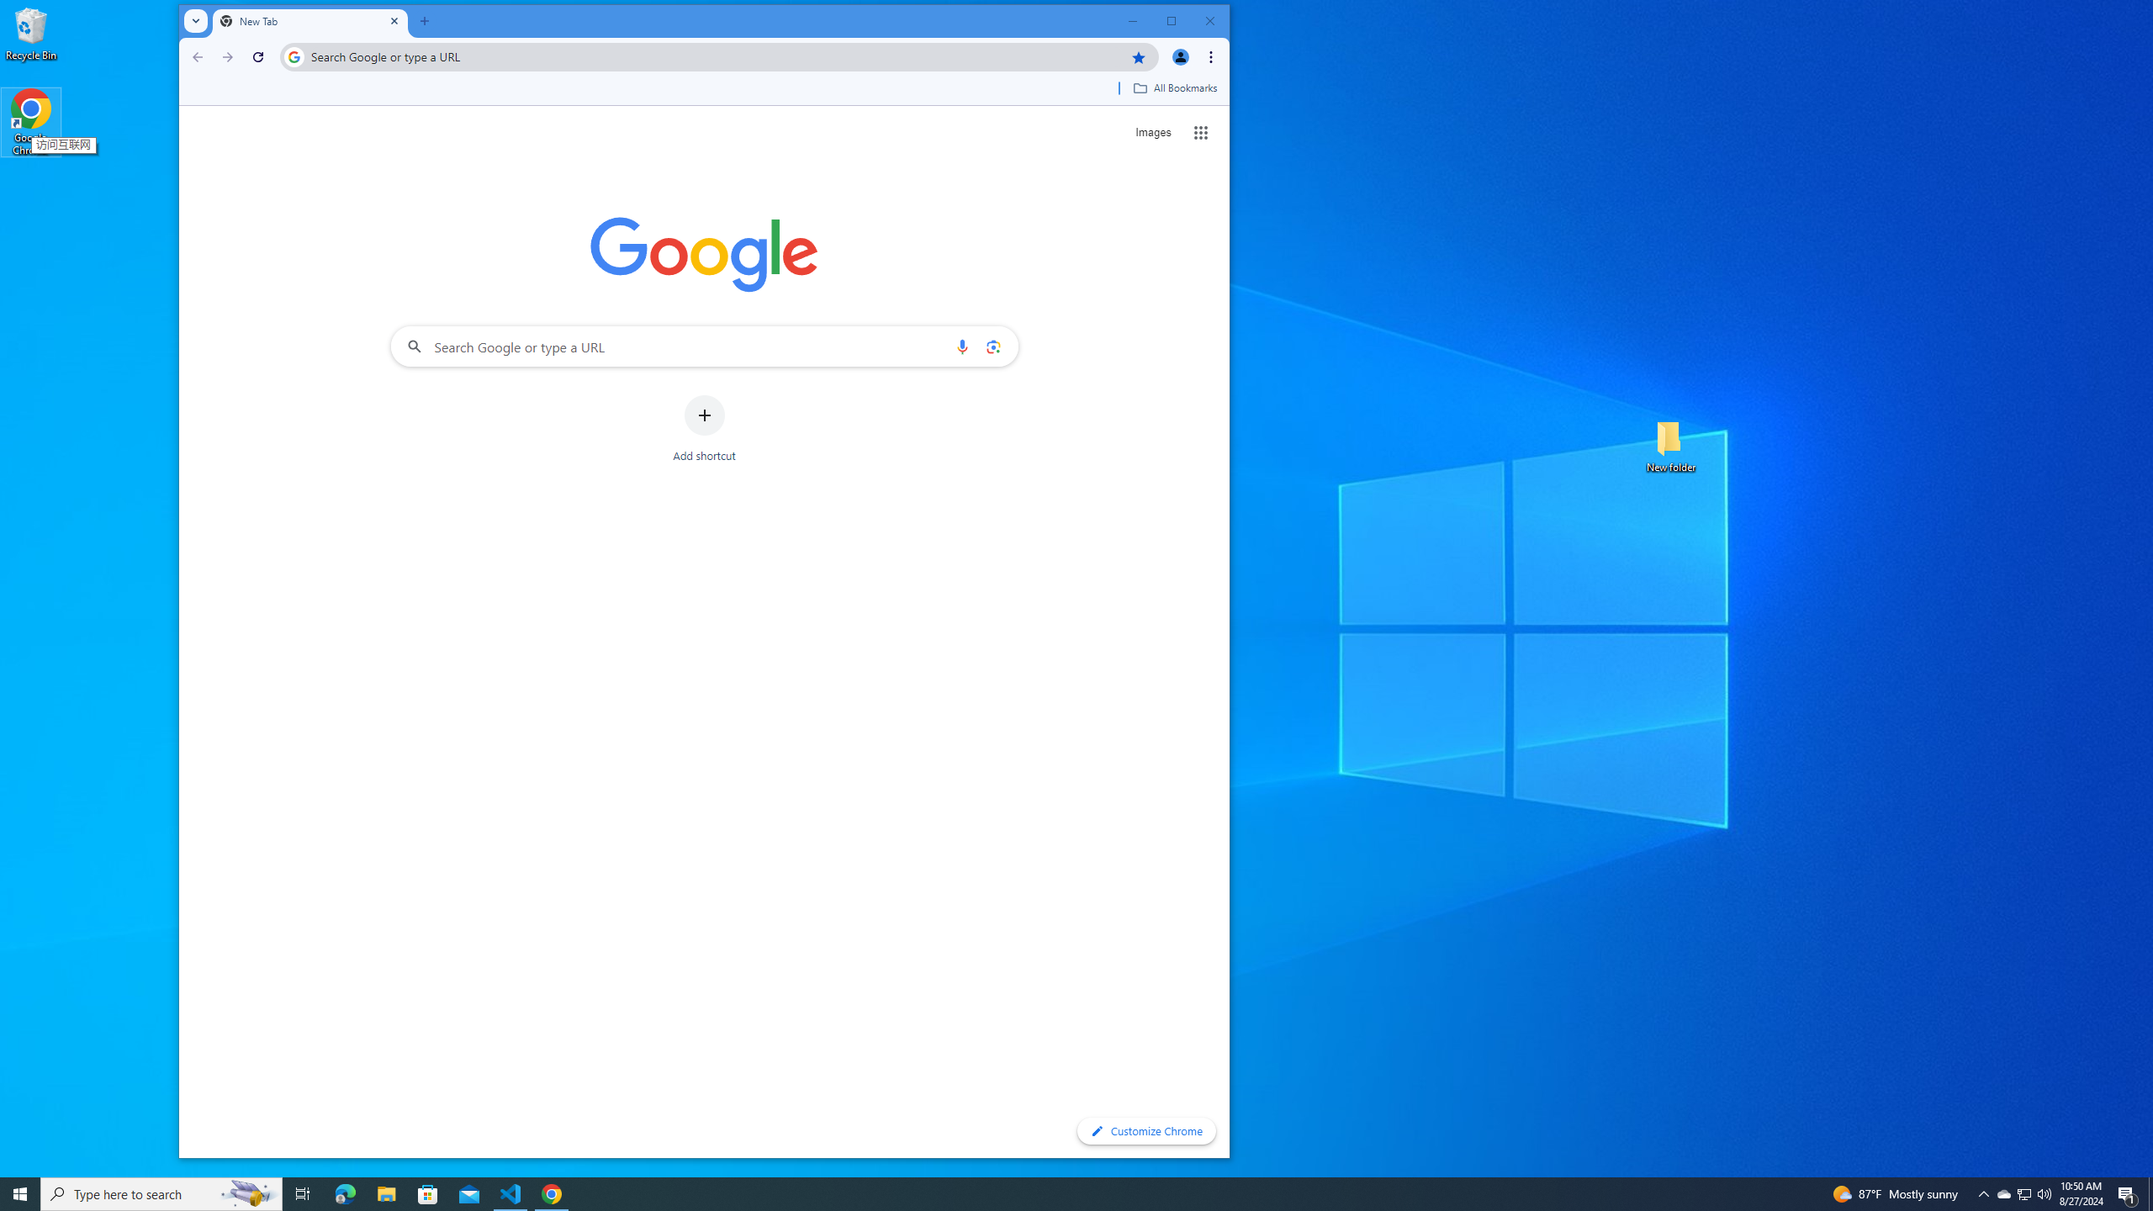 Image resolution: width=2153 pixels, height=1211 pixels. Describe the element at coordinates (1670, 444) in the screenshot. I see `'New folder'` at that location.